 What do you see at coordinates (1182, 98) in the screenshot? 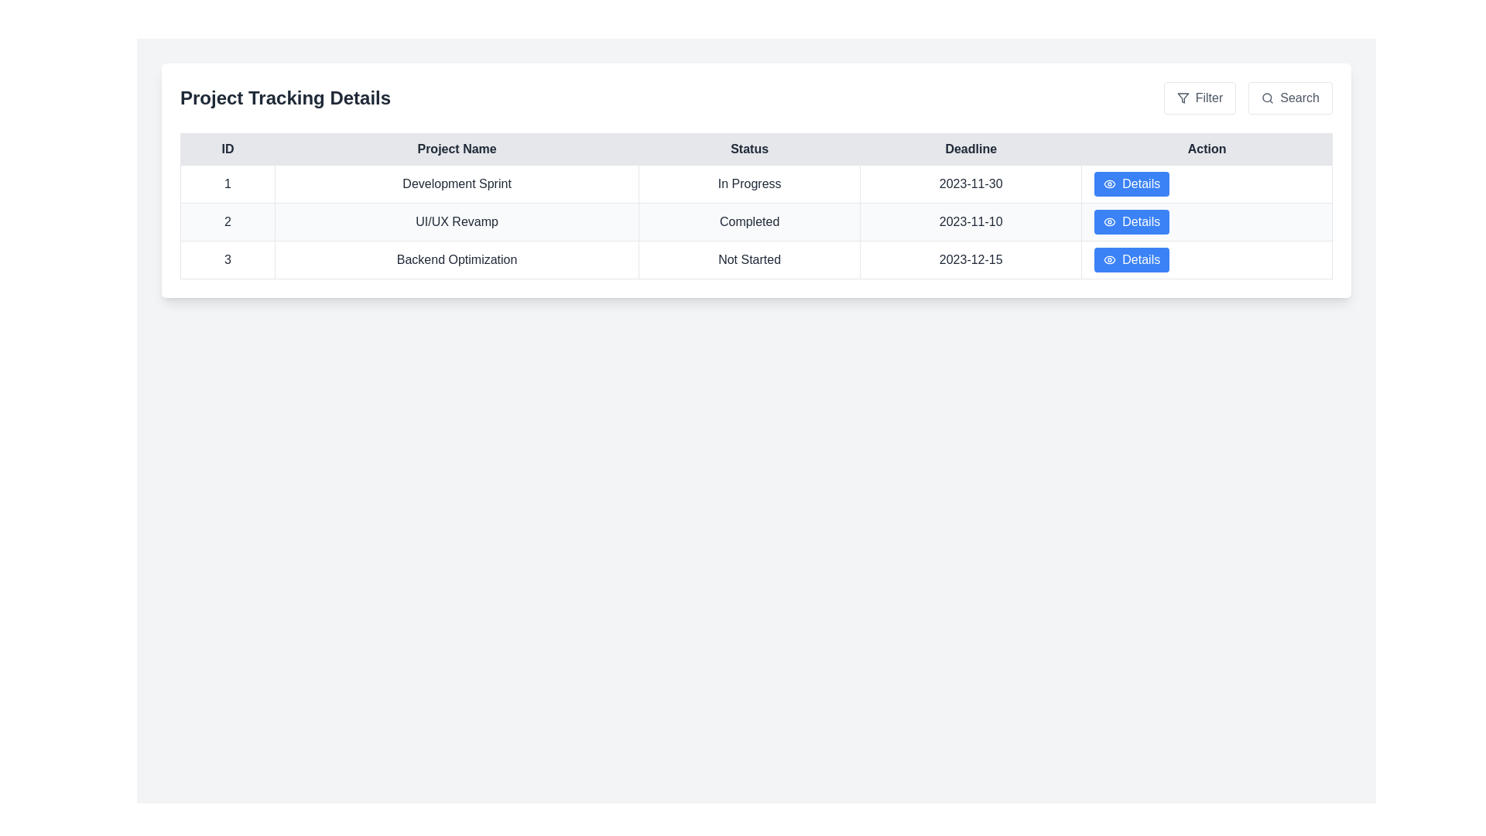
I see `the triangular funnel icon within the 'Filter' button located at the top-right corner of the interface` at bounding box center [1182, 98].